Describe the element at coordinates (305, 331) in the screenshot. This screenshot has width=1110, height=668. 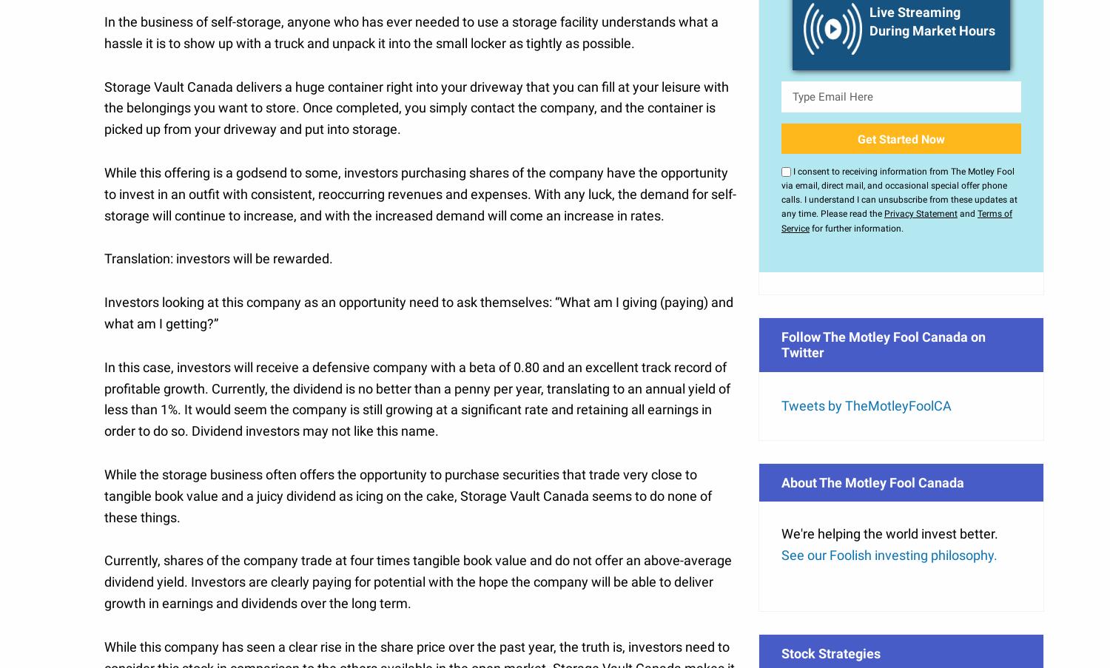
I see `'About The Motley Fool Canada'` at that location.